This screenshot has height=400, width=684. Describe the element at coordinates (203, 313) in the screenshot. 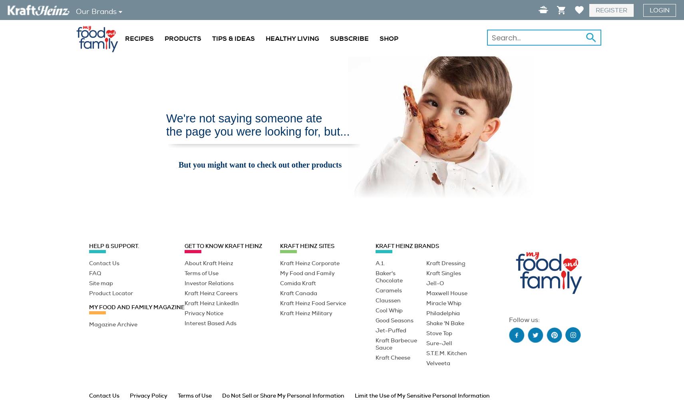

I see `'Privacy Notice'` at that location.